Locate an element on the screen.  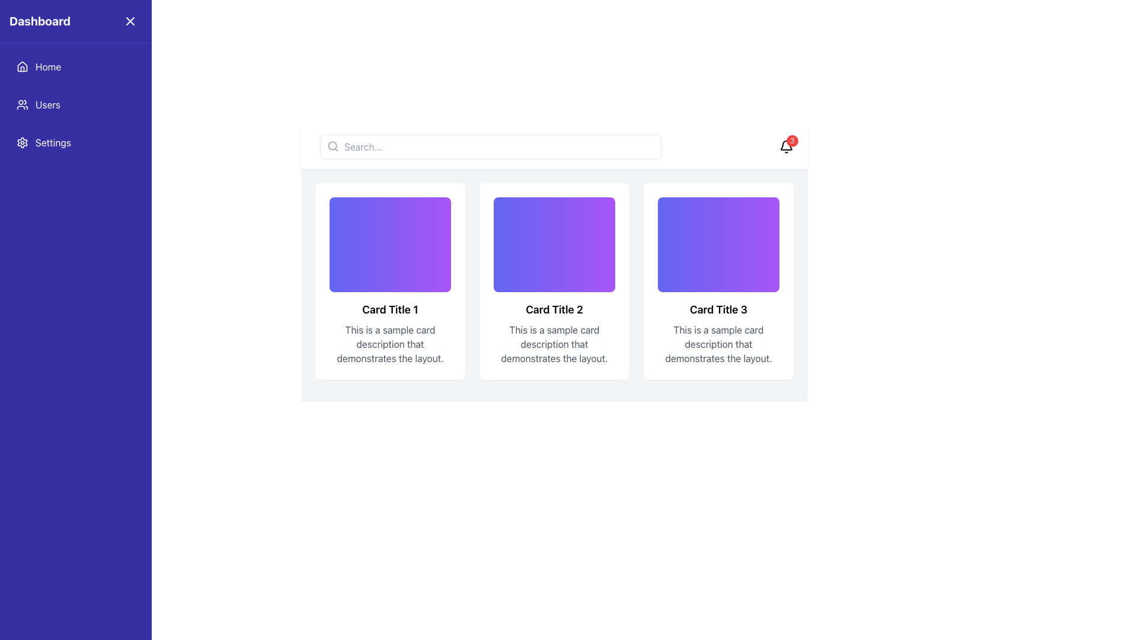
the 'X' icon located in the top-right corner of the blue sidebar is located at coordinates (130, 21).